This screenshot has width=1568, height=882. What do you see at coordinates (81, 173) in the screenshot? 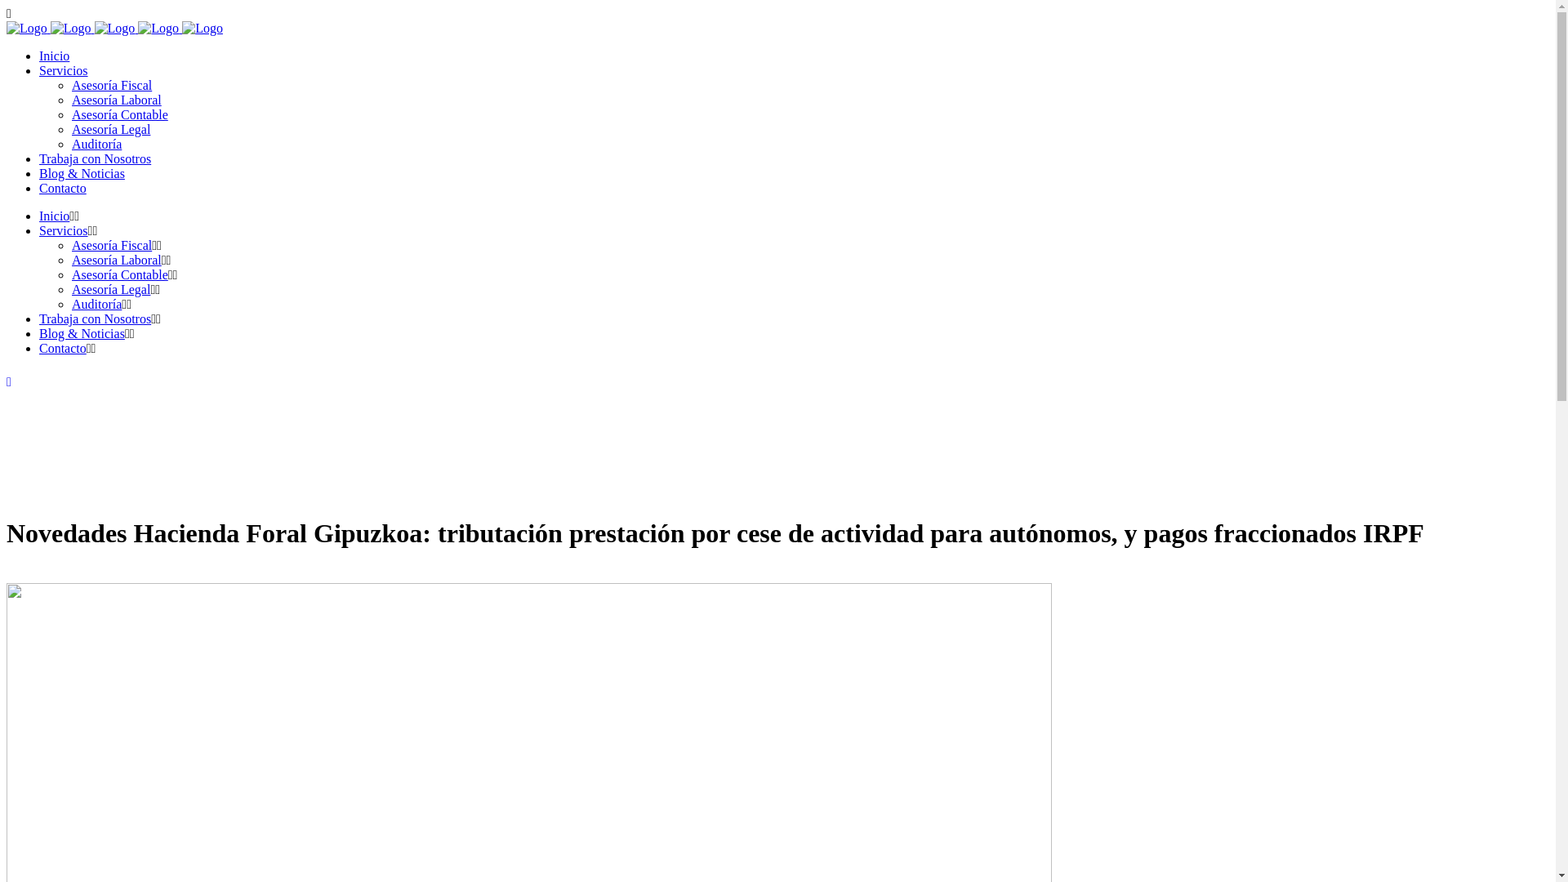
I see `'Blog & Noticias'` at bounding box center [81, 173].